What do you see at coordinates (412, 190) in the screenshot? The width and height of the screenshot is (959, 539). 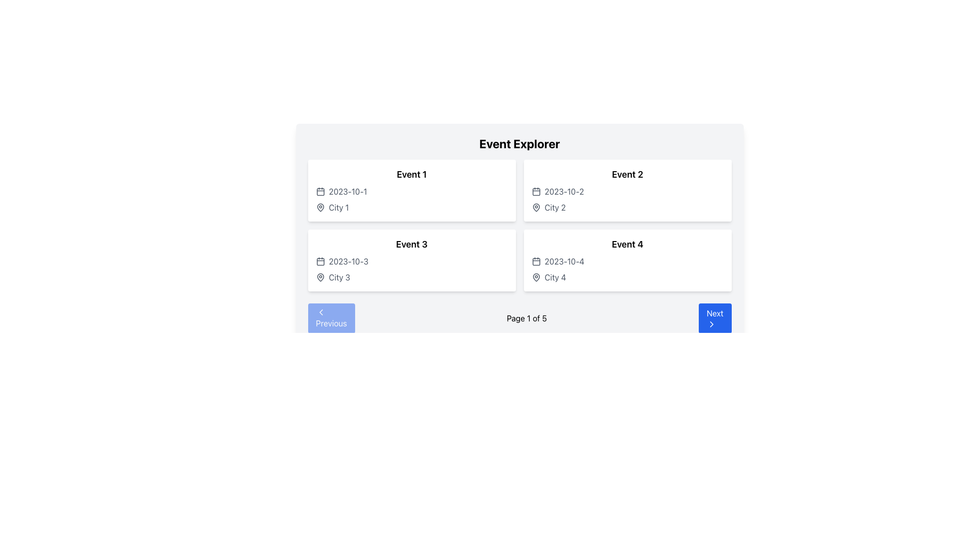 I see `the event card located in the top-left corner of the grid layout` at bounding box center [412, 190].